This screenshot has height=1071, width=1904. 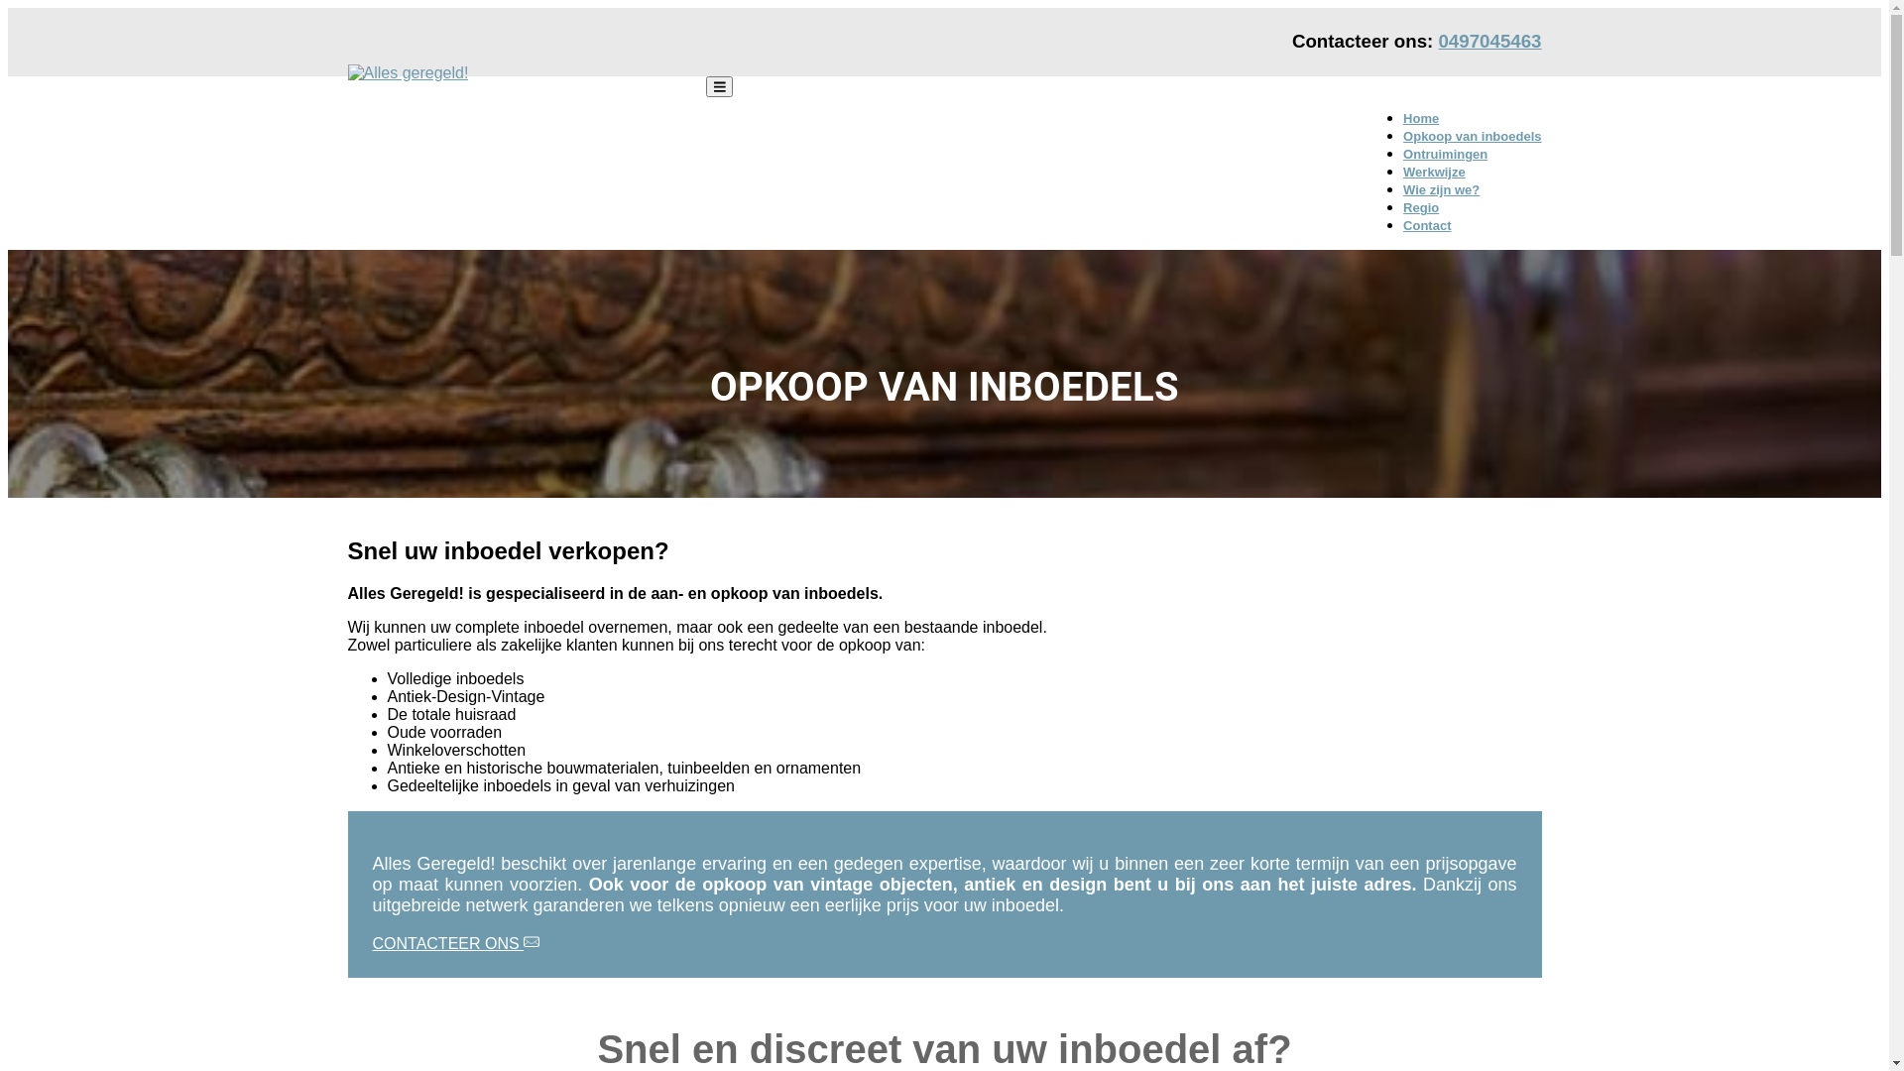 I want to click on 'Home', so click(x=1420, y=118).